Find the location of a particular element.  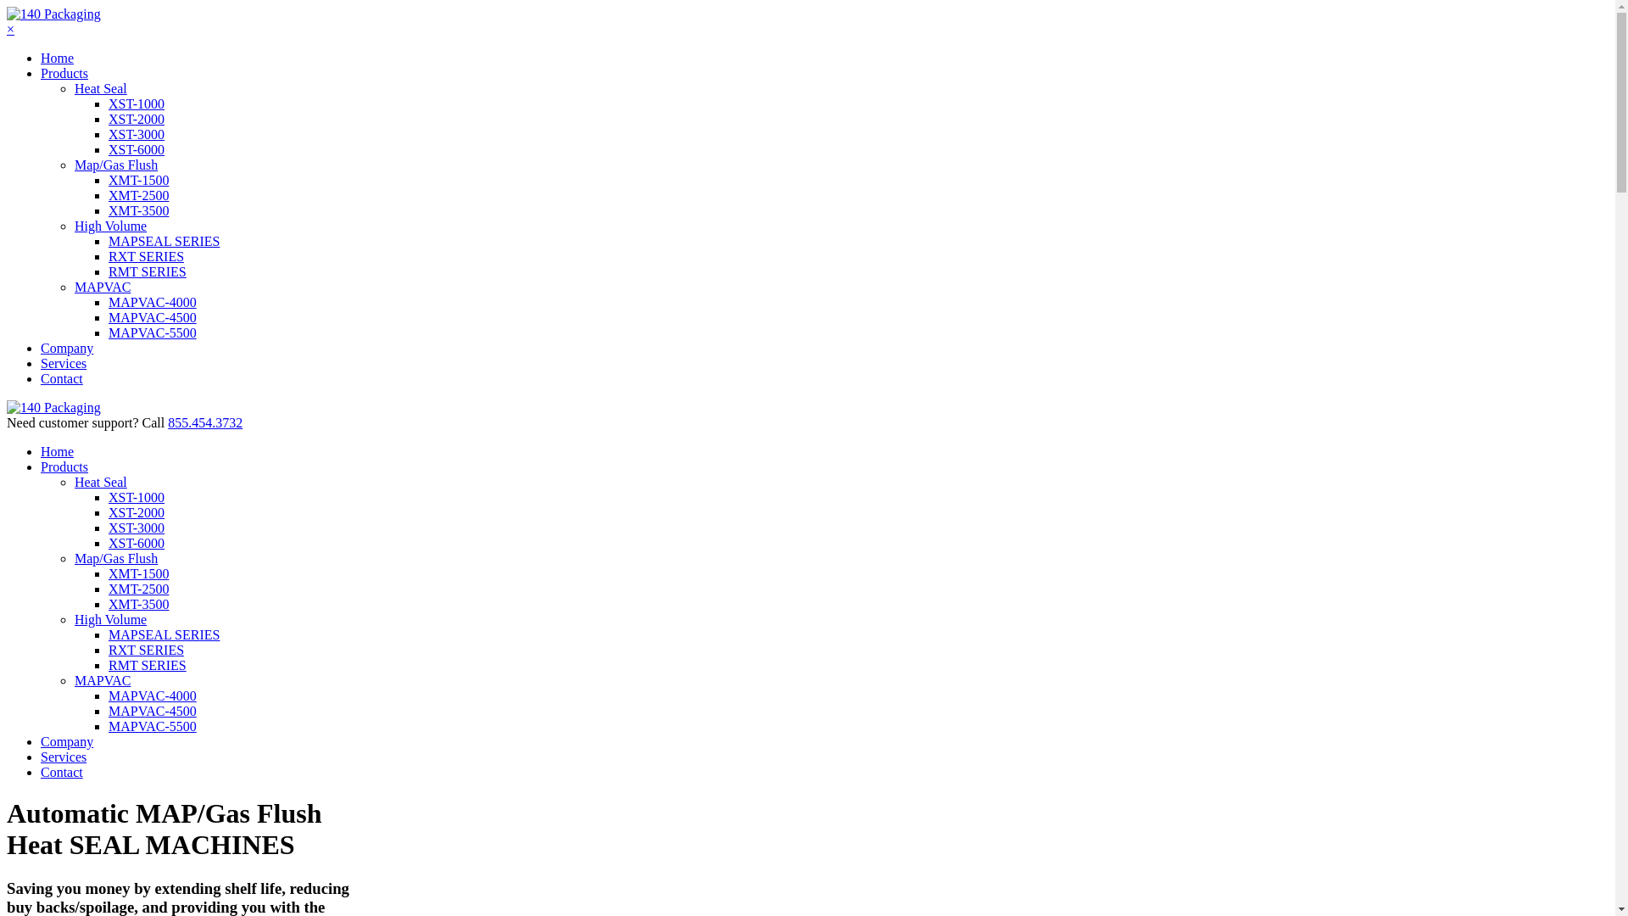

'MAPVAC' is located at coordinates (101, 679).